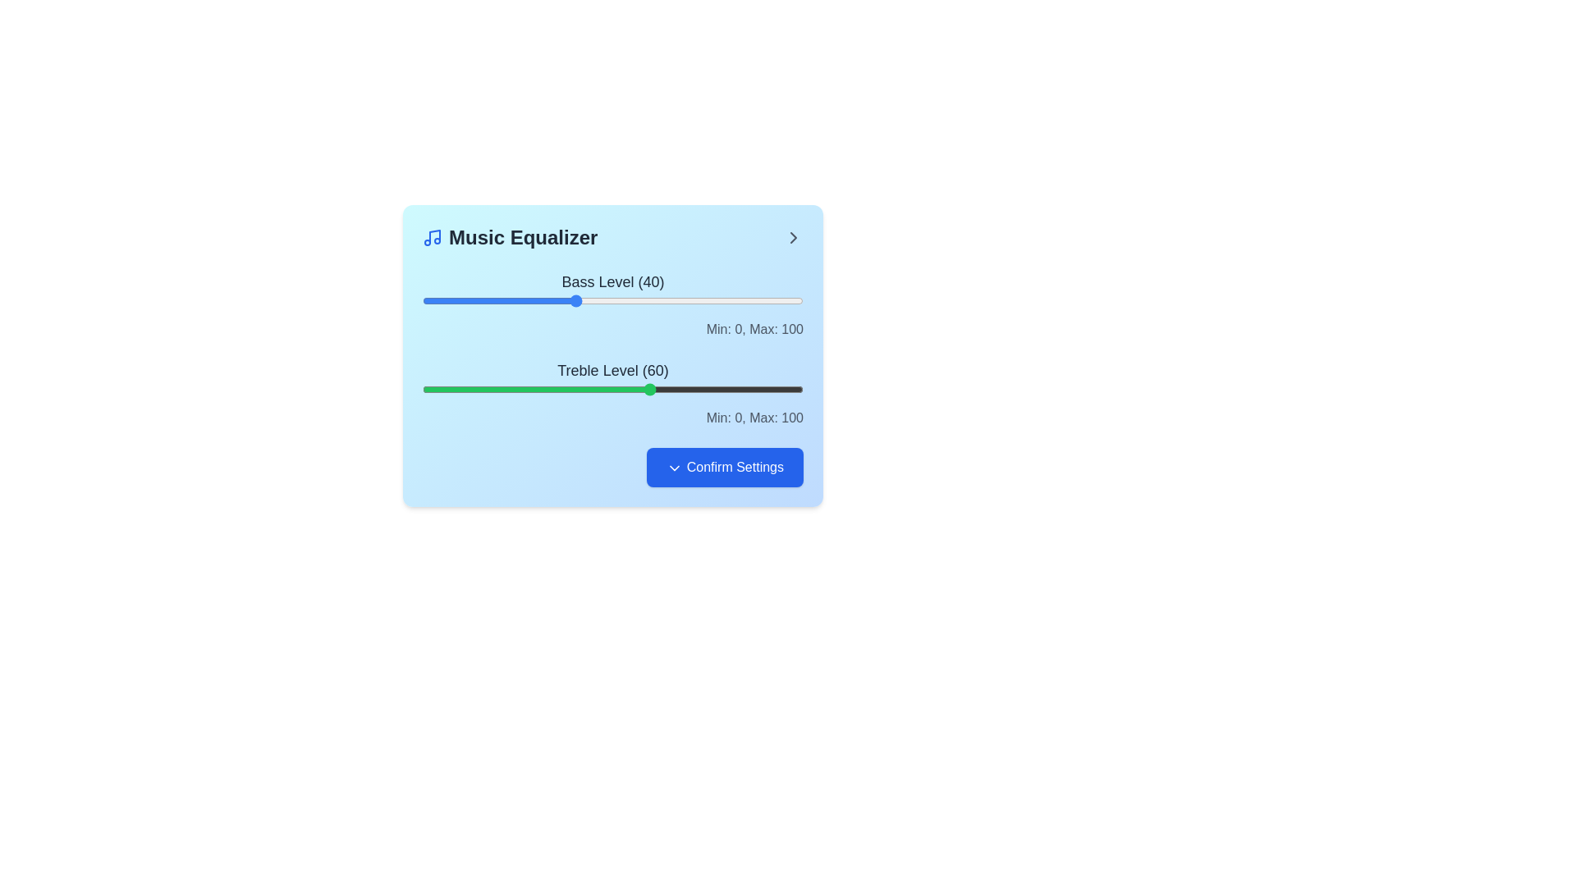 Image resolution: width=1576 pixels, height=886 pixels. Describe the element at coordinates (753, 300) in the screenshot. I see `the Bass Level slider` at that location.